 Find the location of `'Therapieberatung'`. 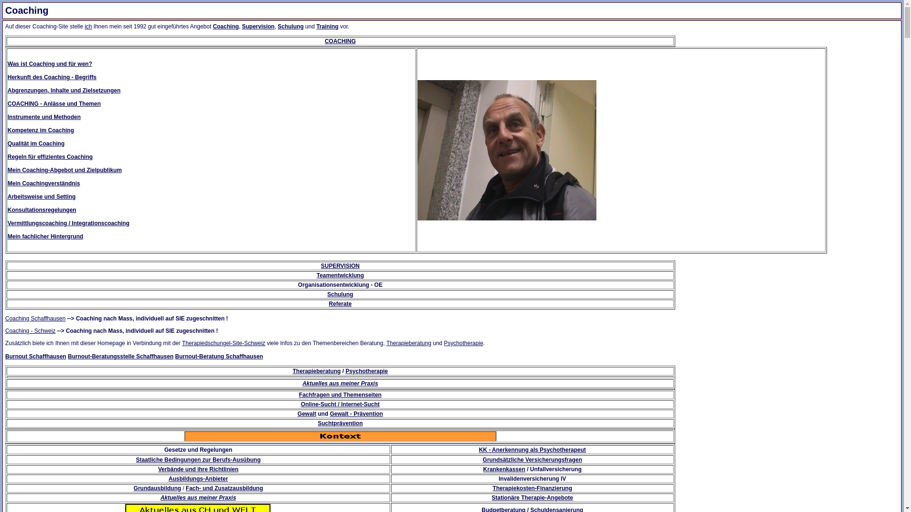

'Therapieberatung' is located at coordinates (409, 343).